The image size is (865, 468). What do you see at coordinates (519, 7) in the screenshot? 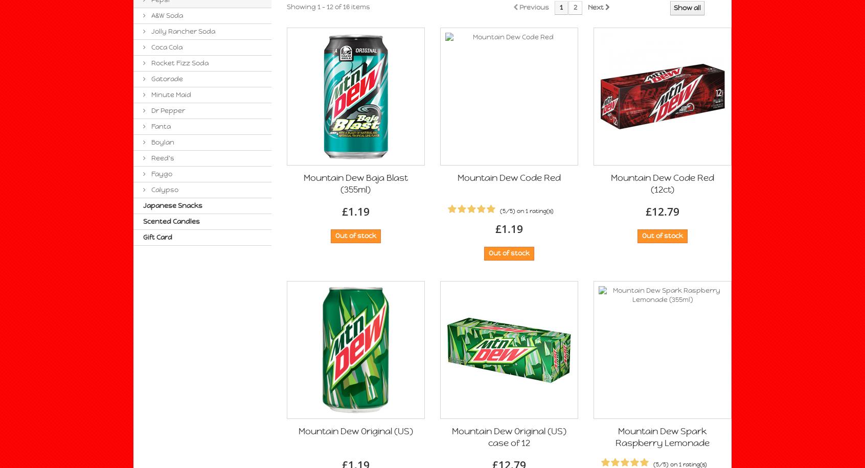
I see `'Previous'` at bounding box center [519, 7].